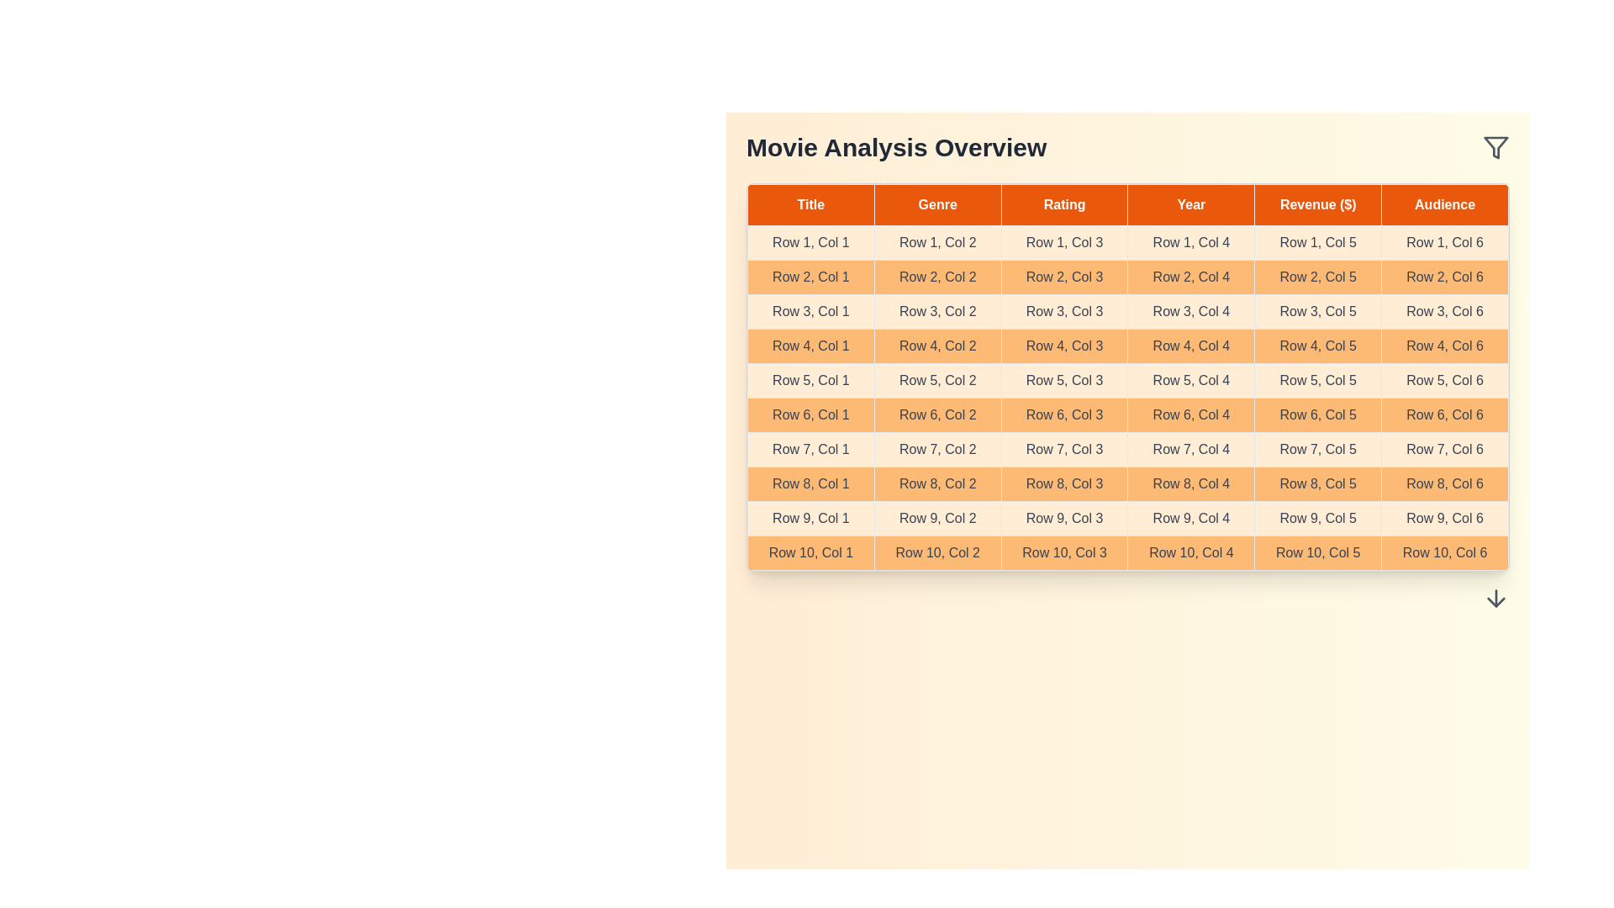 Image resolution: width=1614 pixels, height=908 pixels. Describe the element at coordinates (1496, 598) in the screenshot. I see `the downward arrow in the footer of the MovieDataTable component` at that location.